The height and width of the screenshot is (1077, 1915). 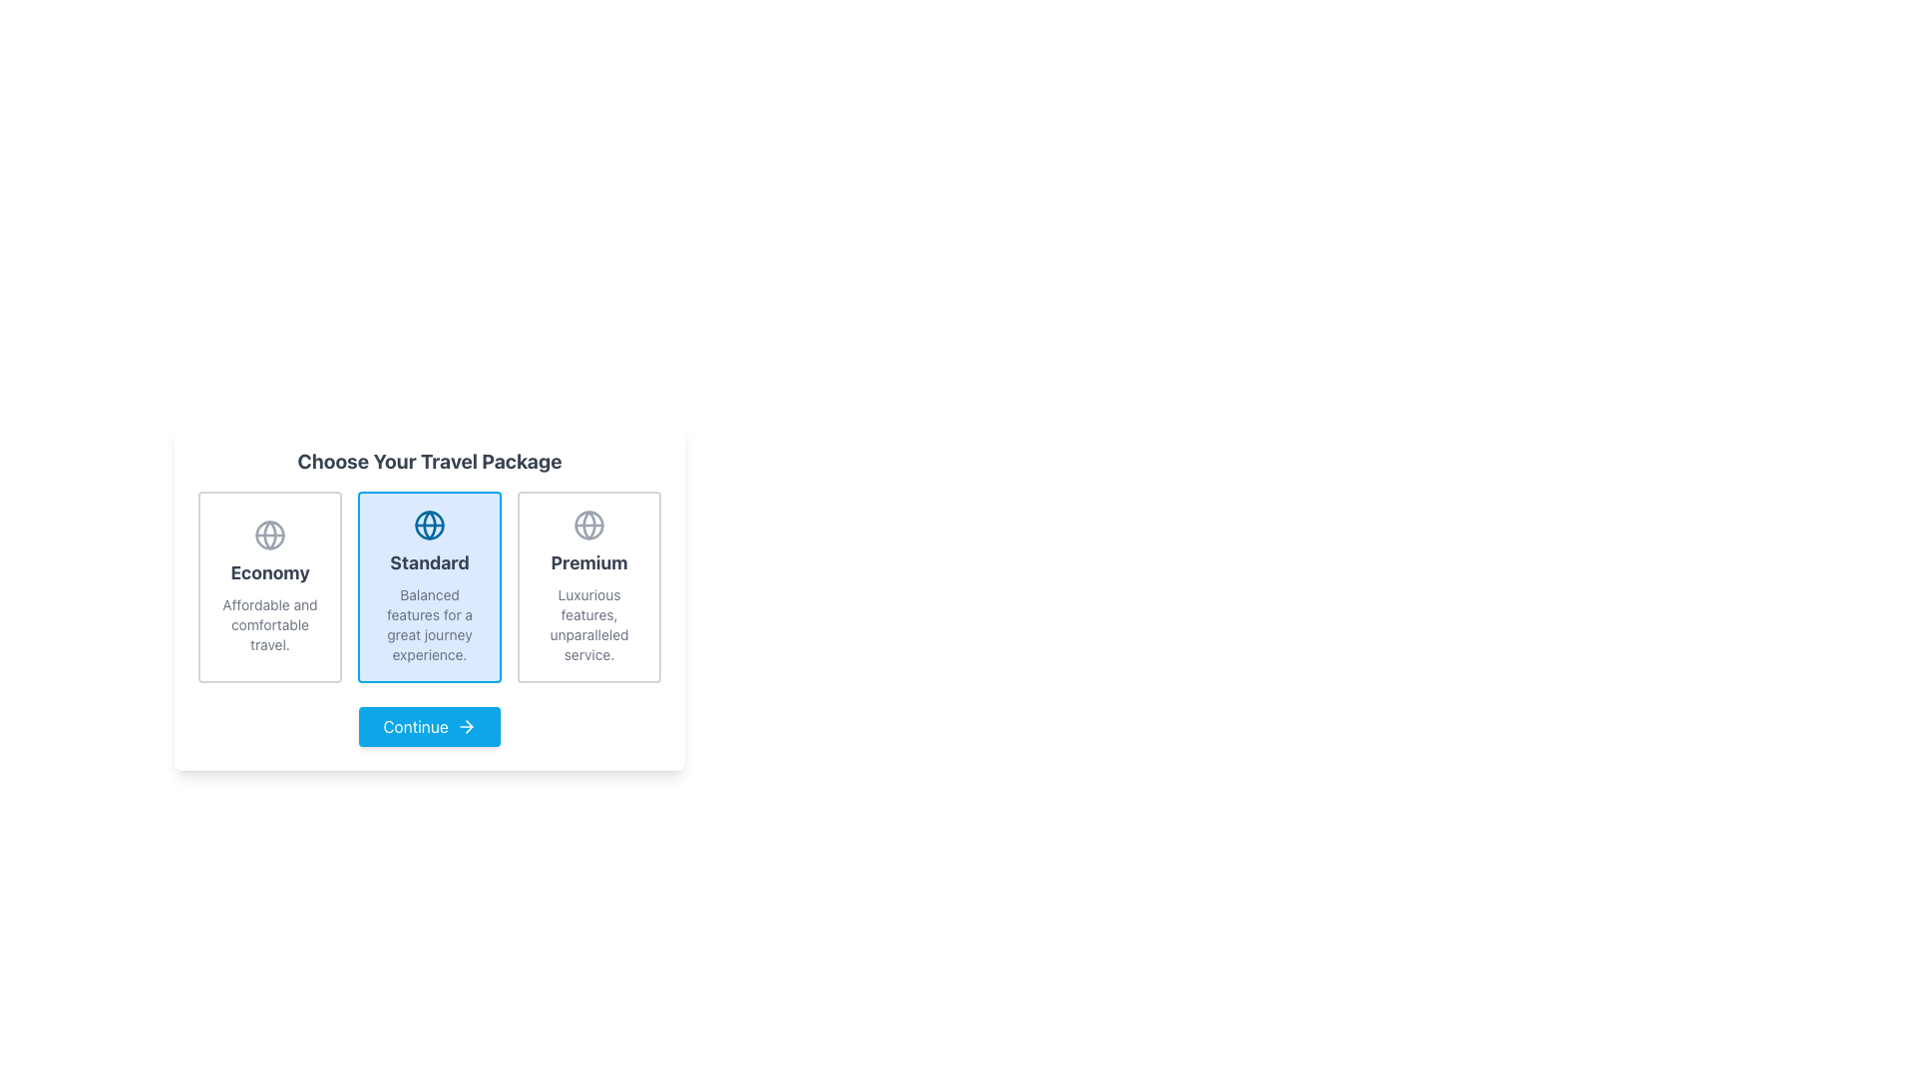 What do you see at coordinates (429, 624) in the screenshot?
I see `descriptive text block associated with the 'Standard' travel package option, located below the 'Standard' heading` at bounding box center [429, 624].